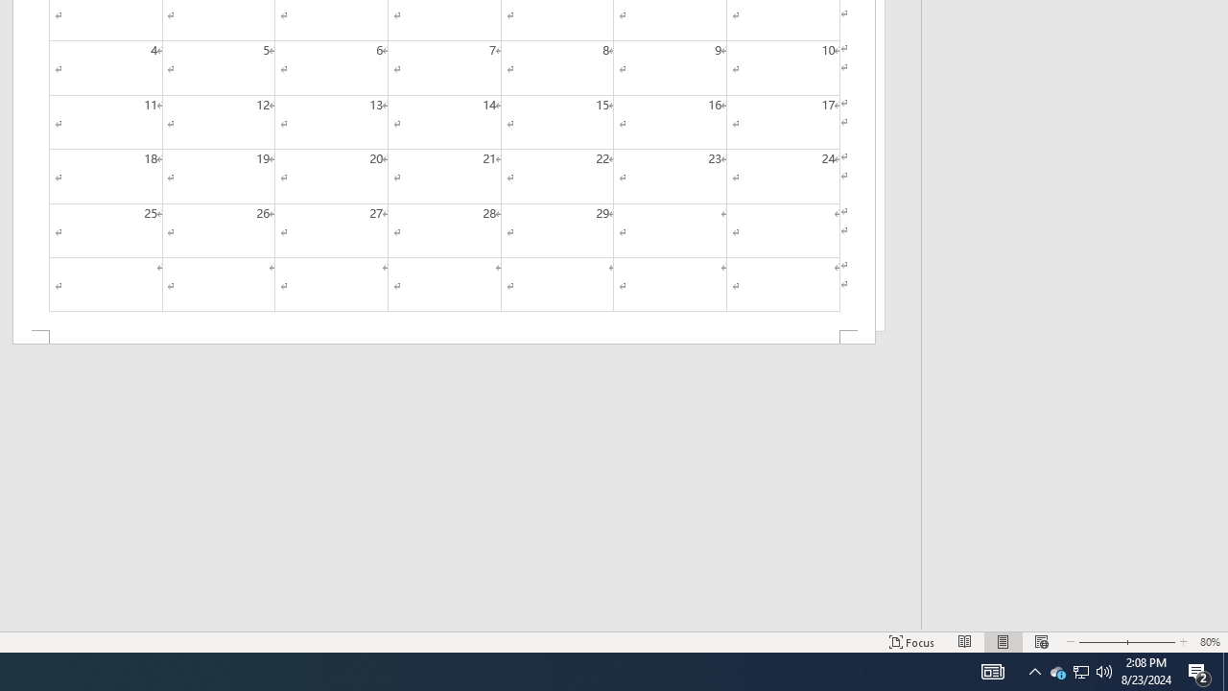 This screenshot has height=691, width=1228. What do you see at coordinates (442, 336) in the screenshot?
I see `'Footer -Section 2-'` at bounding box center [442, 336].